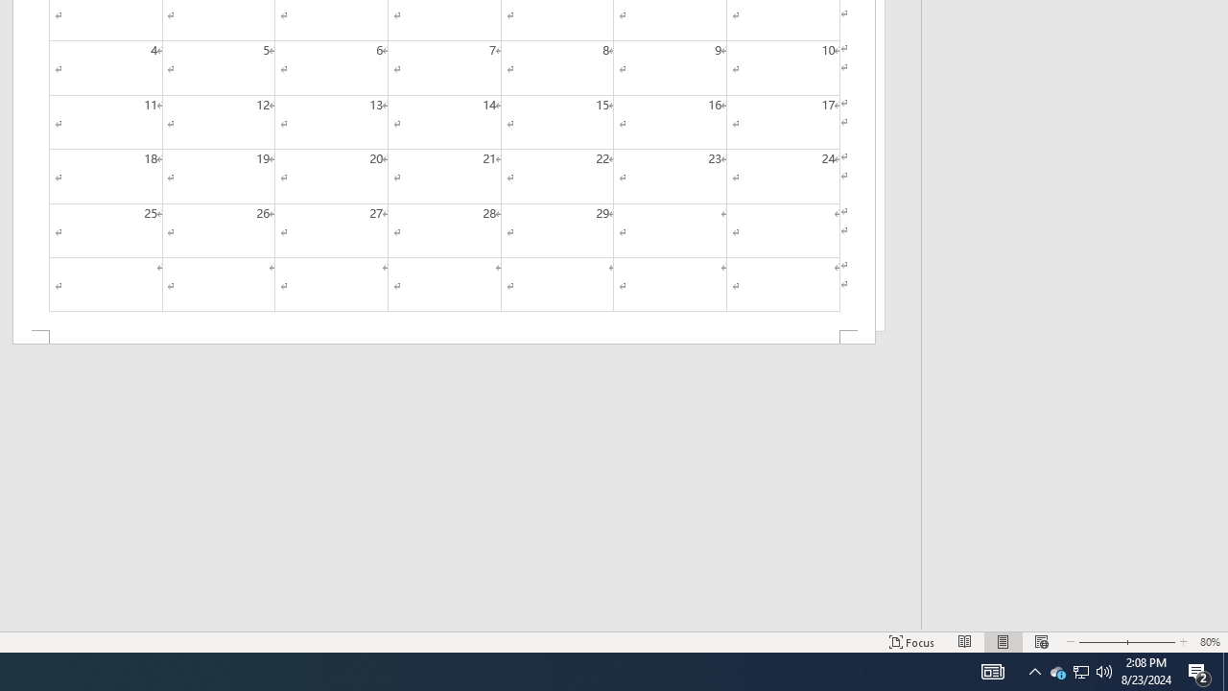 This screenshot has height=691, width=1228. What do you see at coordinates (442, 336) in the screenshot?
I see `'Footer -Section 2-'` at bounding box center [442, 336].